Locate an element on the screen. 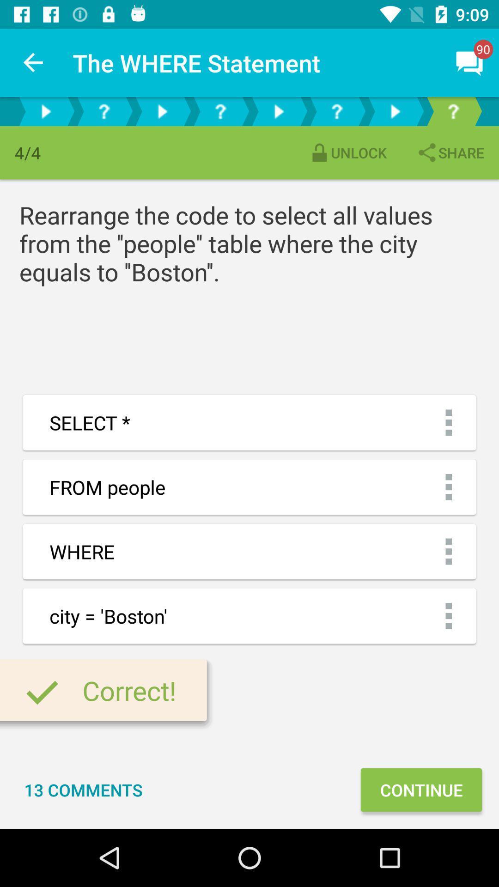 Image resolution: width=499 pixels, height=887 pixels. the play icon is located at coordinates (46, 111).